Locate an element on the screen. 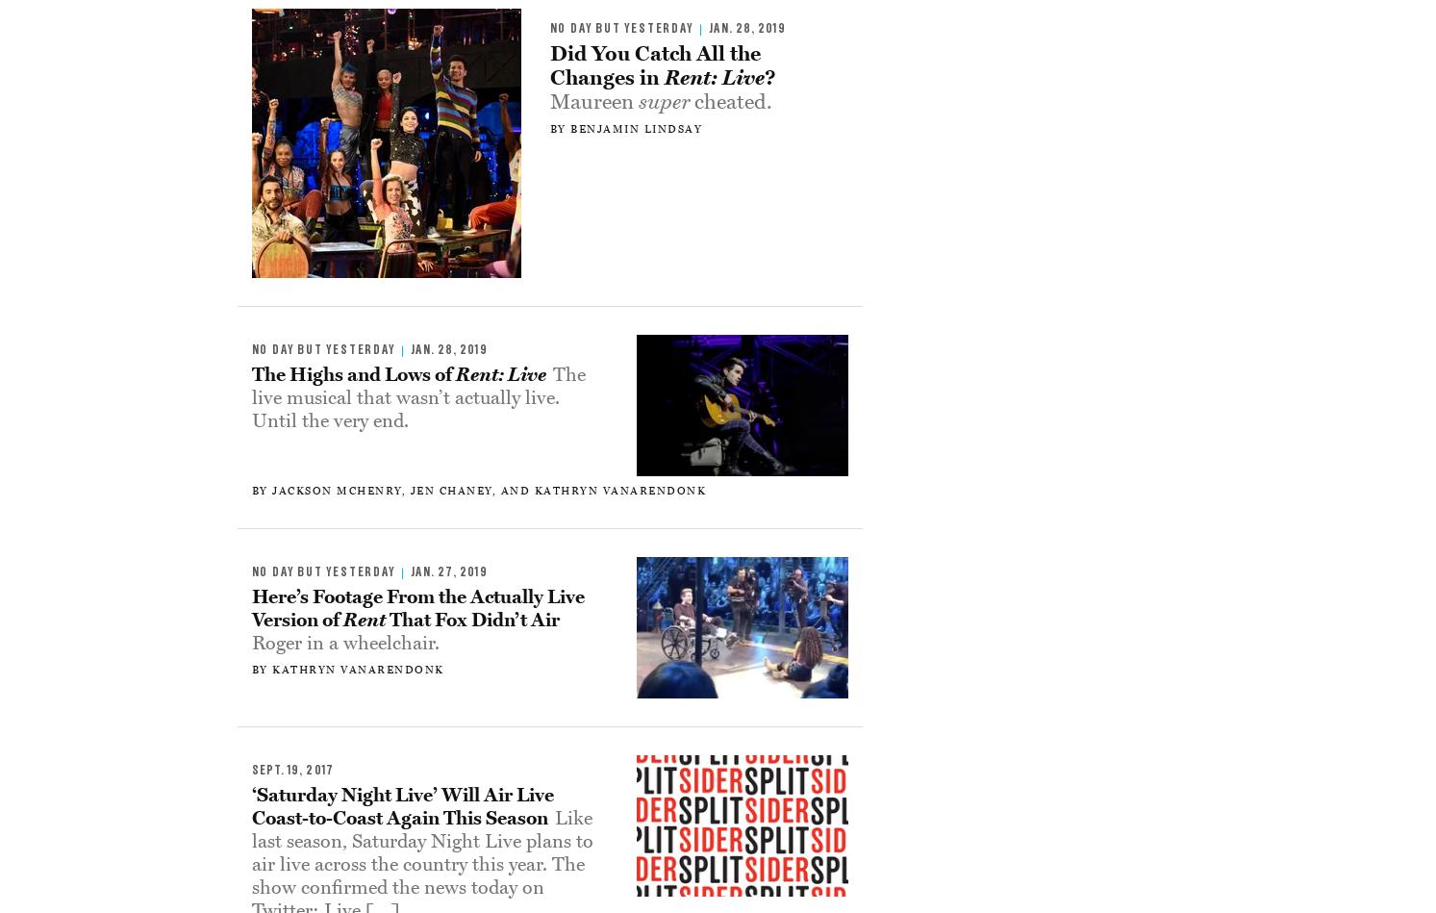 Image resolution: width=1436 pixels, height=913 pixels. 'Maureen' is located at coordinates (593, 100).